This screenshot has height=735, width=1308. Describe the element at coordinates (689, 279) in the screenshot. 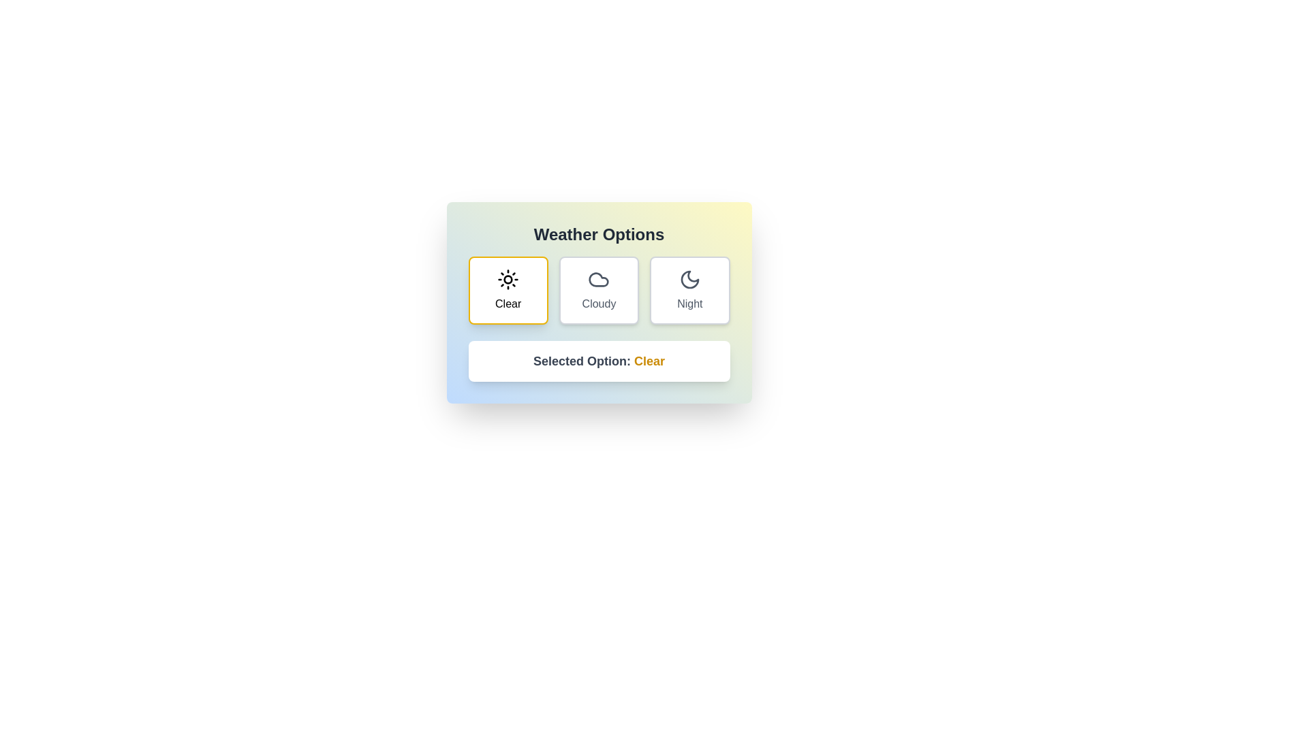

I see `the moon icon, which is a minimalist dark gray crescent design embedded within the 'Night' card, the third option in the weather options row` at that location.